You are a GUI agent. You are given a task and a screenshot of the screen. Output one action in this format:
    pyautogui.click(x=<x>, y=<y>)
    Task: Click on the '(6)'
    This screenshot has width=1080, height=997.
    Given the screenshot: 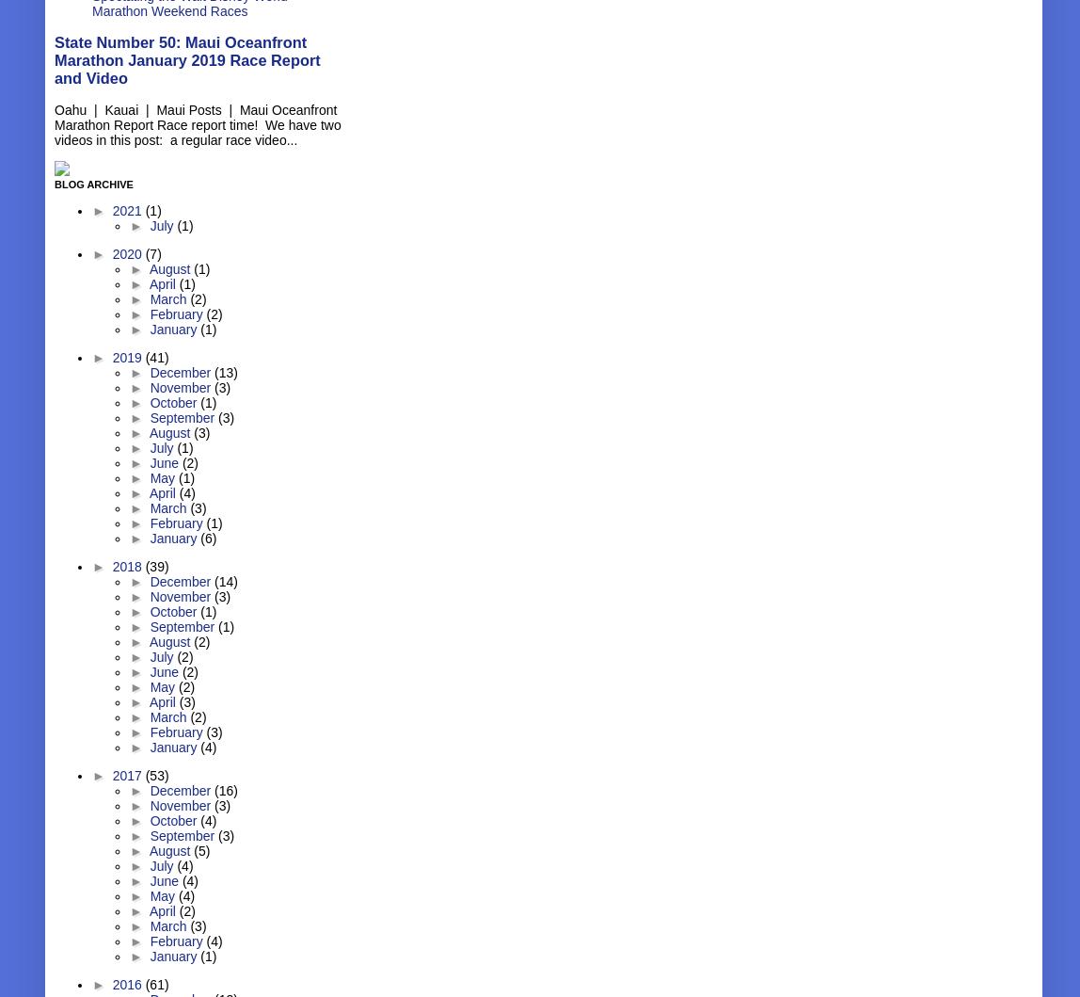 What is the action you would take?
    pyautogui.click(x=199, y=537)
    